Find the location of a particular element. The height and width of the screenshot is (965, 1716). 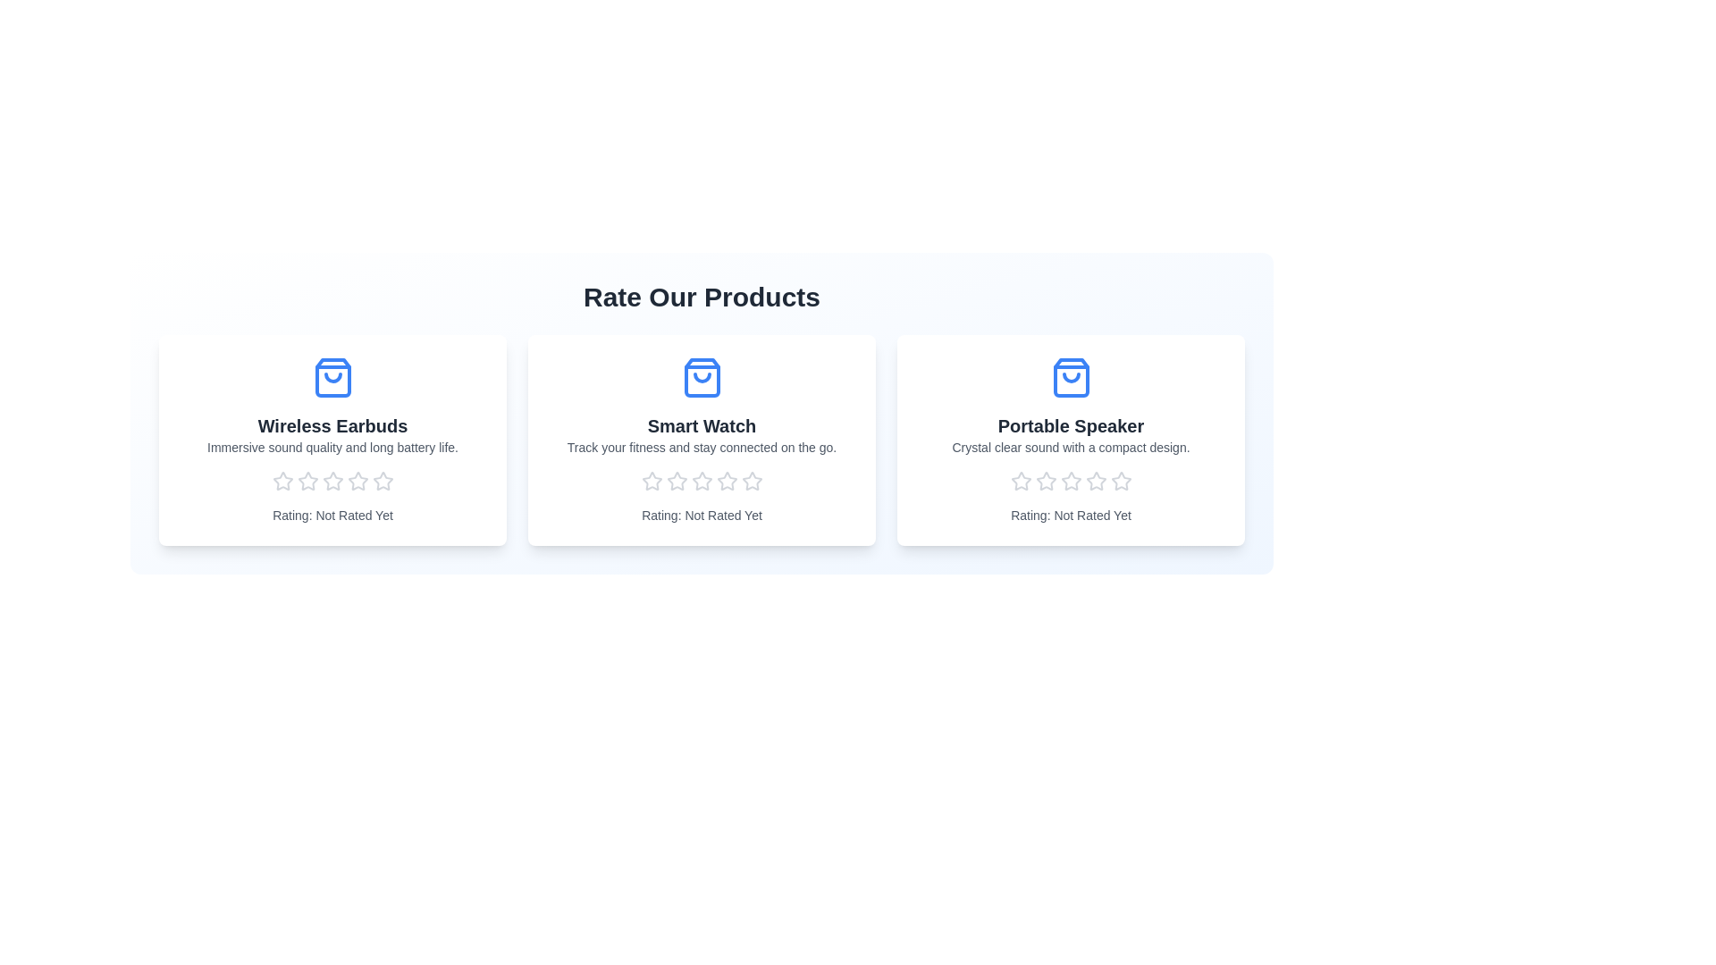

the product name and icon for the 'Wireless Earbuds' product is located at coordinates (332, 377).